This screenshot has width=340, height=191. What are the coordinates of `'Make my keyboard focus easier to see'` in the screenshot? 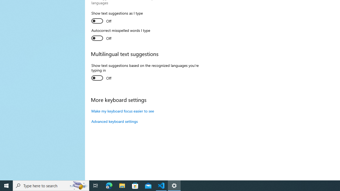 It's located at (122, 111).